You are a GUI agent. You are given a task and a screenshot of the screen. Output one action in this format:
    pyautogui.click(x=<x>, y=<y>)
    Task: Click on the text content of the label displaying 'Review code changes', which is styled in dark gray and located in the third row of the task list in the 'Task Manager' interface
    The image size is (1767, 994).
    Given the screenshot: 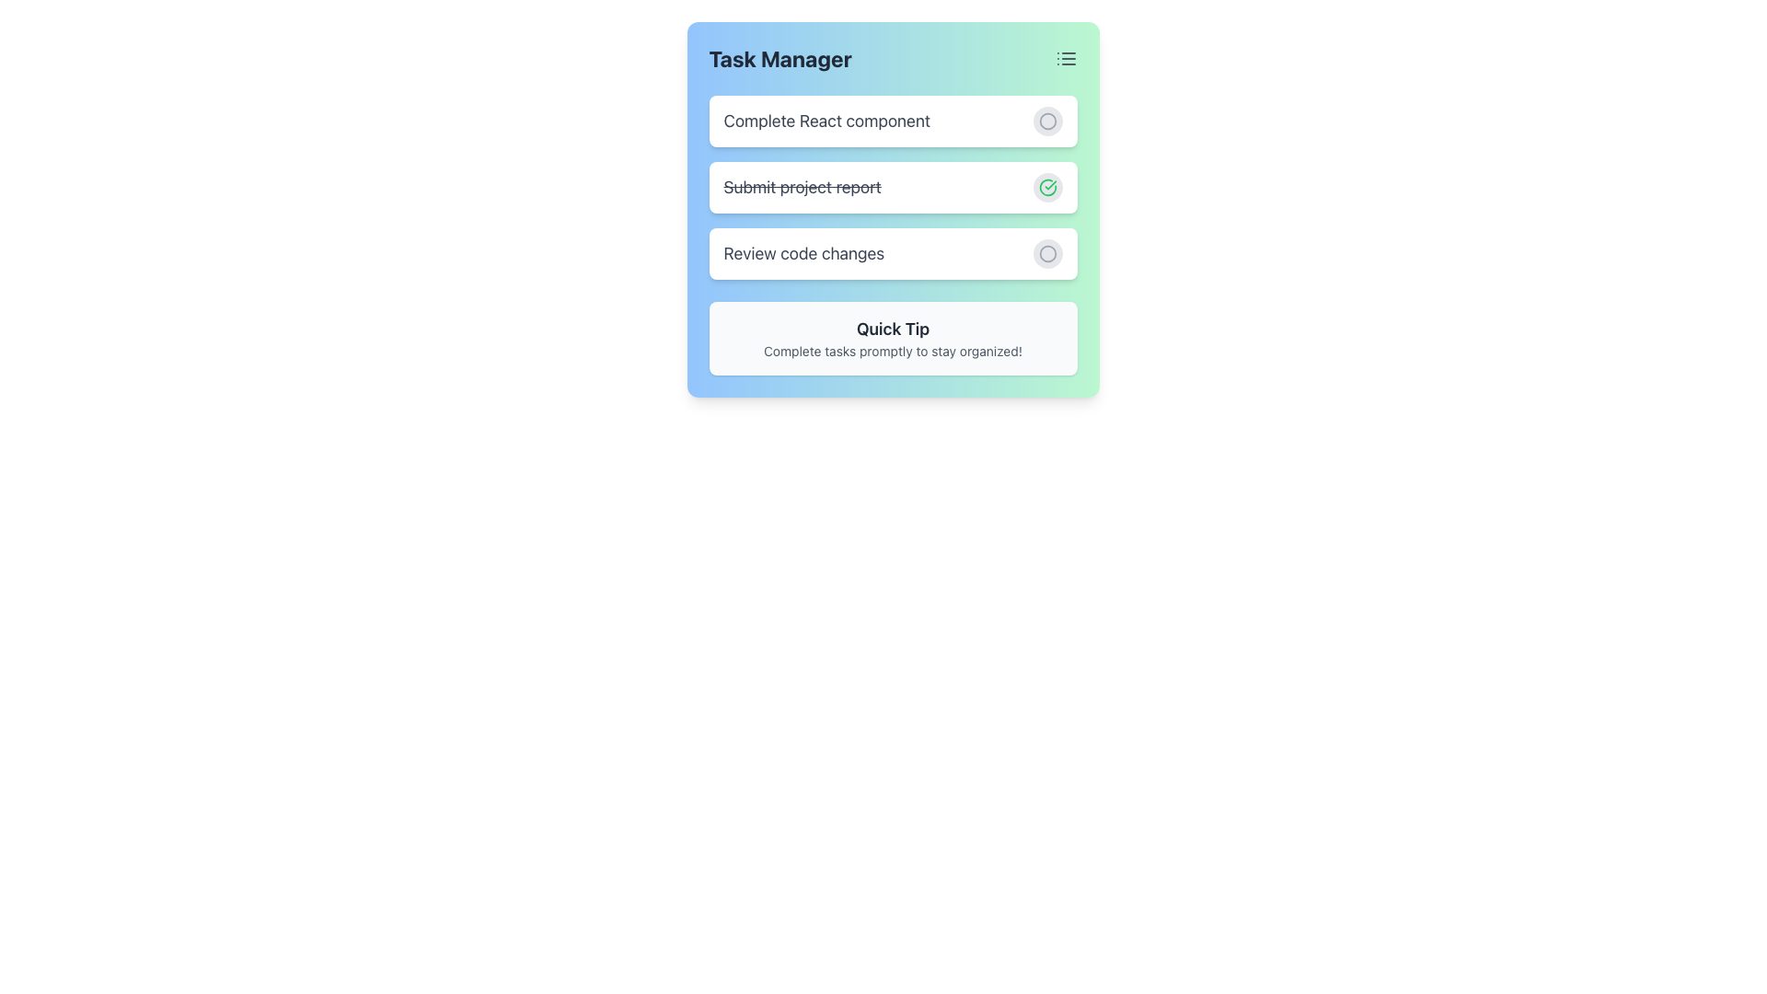 What is the action you would take?
    pyautogui.click(x=803, y=254)
    